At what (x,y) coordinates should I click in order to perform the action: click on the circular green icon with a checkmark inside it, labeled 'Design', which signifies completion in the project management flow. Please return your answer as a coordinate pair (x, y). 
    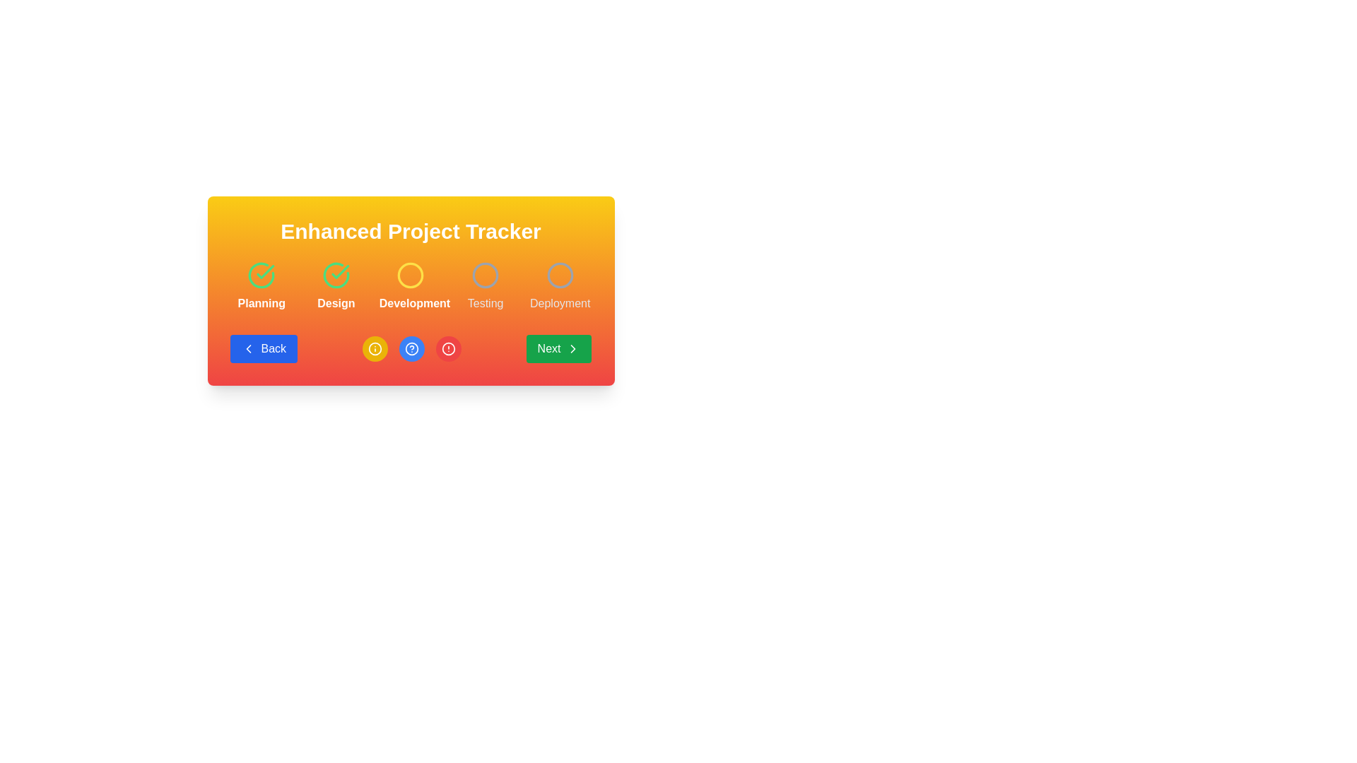
    Looking at the image, I should click on (335, 275).